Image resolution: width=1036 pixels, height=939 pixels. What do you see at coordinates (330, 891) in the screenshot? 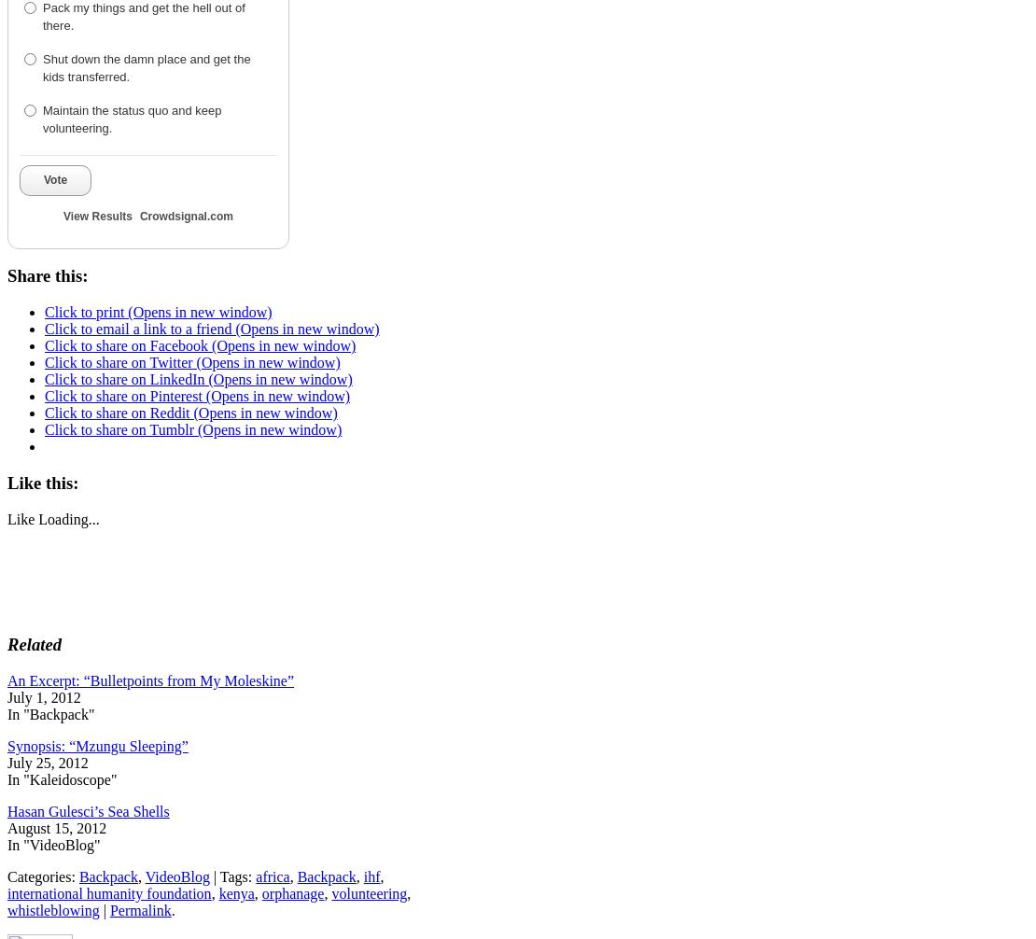
I see `'volunteering'` at bounding box center [330, 891].